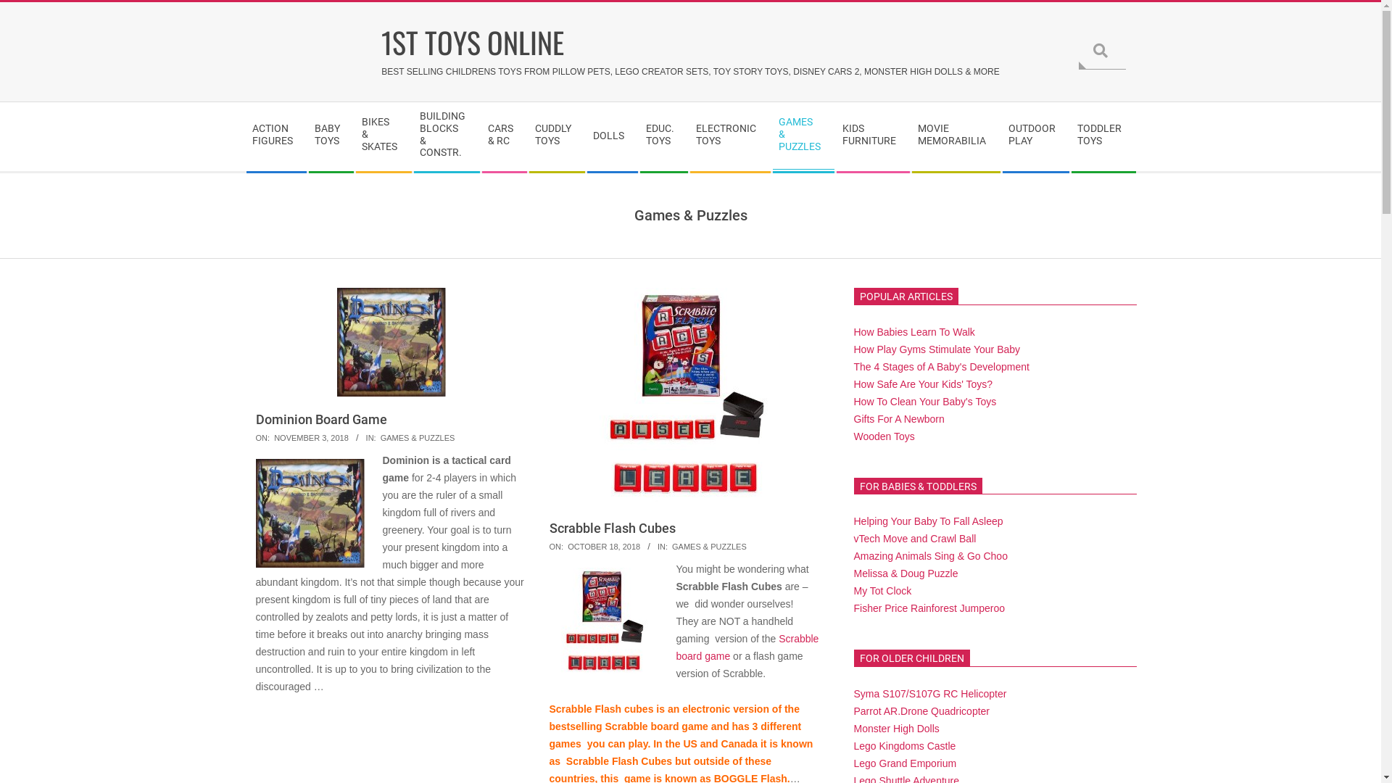 The image size is (1392, 783). Describe the element at coordinates (904, 763) in the screenshot. I see `'Lego Grand Emporium'` at that location.